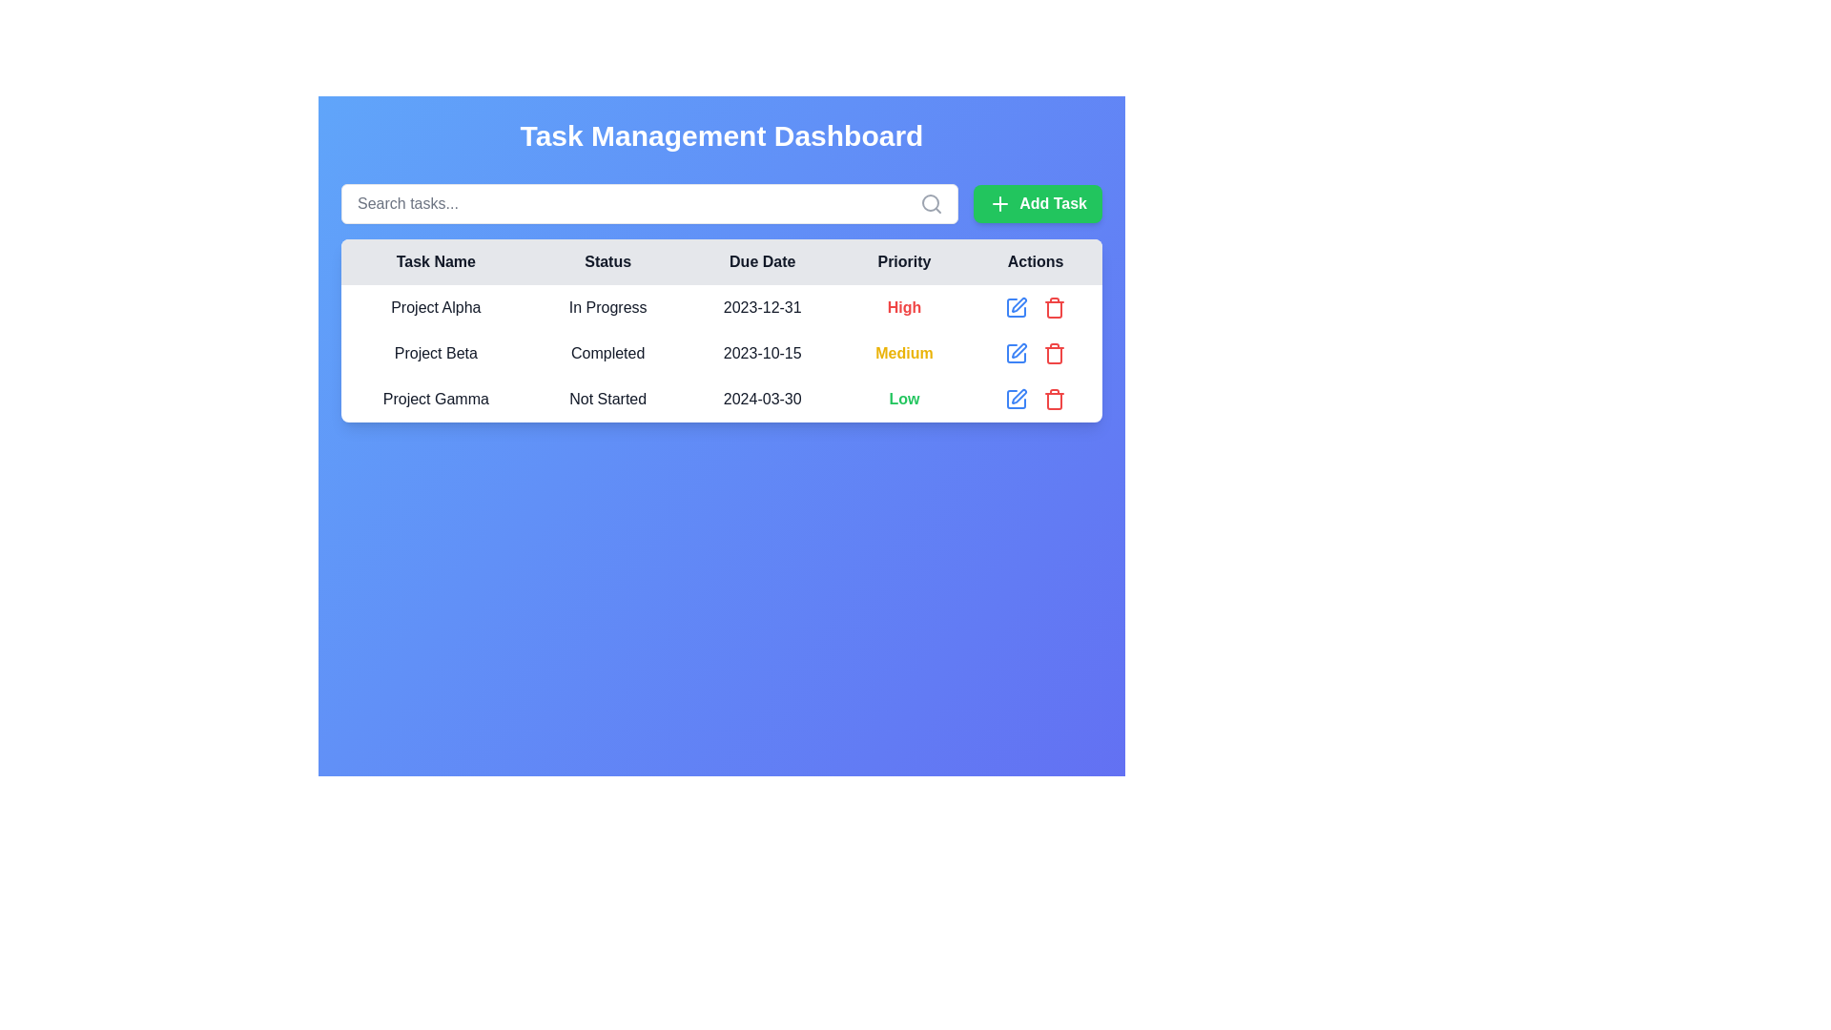 This screenshot has height=1030, width=1831. What do you see at coordinates (435, 261) in the screenshot?
I see `the 'Task Name' table header located in the first column of the task management table` at bounding box center [435, 261].